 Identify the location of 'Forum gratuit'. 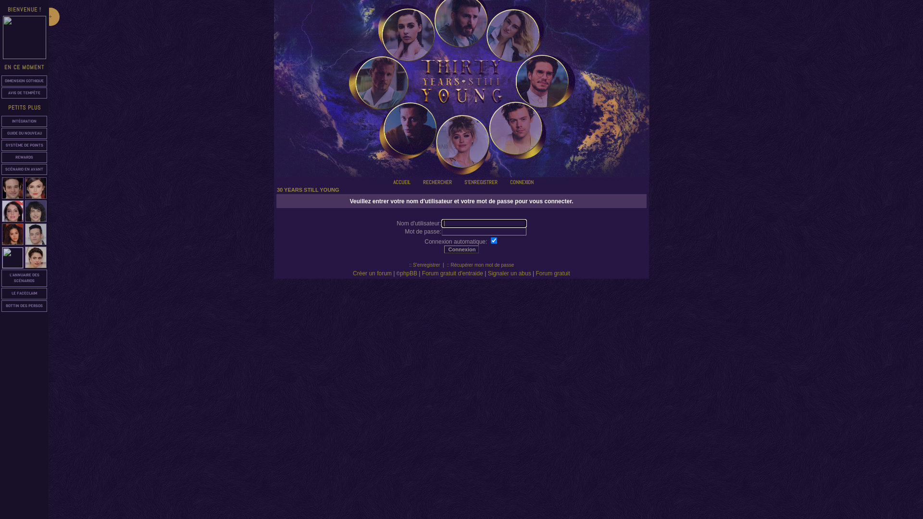
(553, 273).